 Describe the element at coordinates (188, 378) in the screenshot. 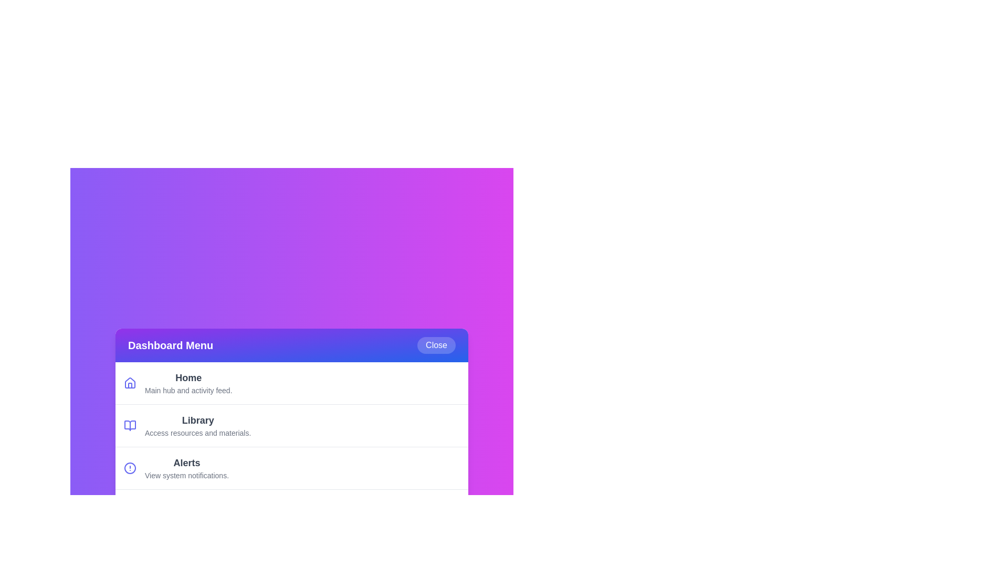

I see `the description of the menu item Home` at that location.